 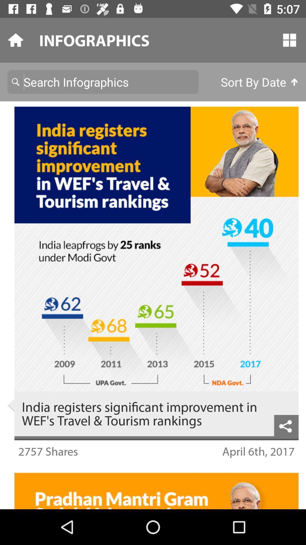 What do you see at coordinates (286, 425) in the screenshot?
I see `share the bluetooth` at bounding box center [286, 425].